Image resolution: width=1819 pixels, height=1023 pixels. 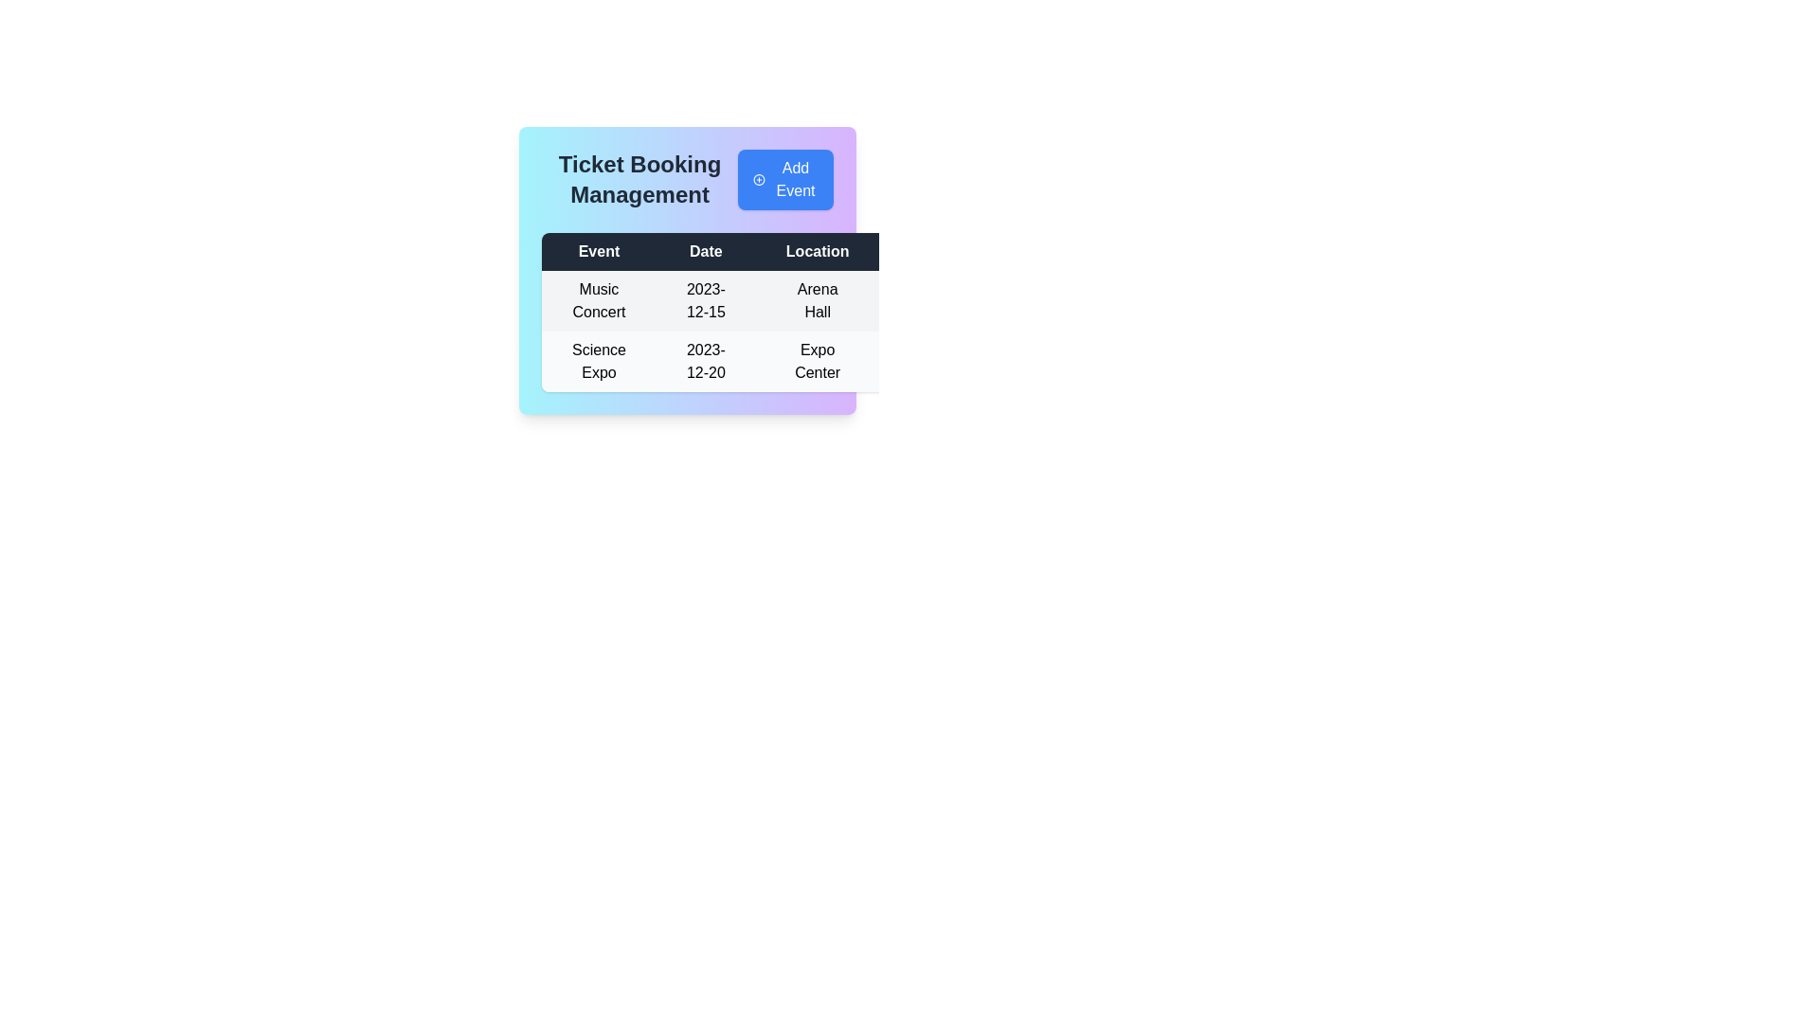 What do you see at coordinates (598, 361) in the screenshot?
I see `the 'Science Expo' text element located in the second row of the 'Event' table, following the 'Music Concert' entry` at bounding box center [598, 361].